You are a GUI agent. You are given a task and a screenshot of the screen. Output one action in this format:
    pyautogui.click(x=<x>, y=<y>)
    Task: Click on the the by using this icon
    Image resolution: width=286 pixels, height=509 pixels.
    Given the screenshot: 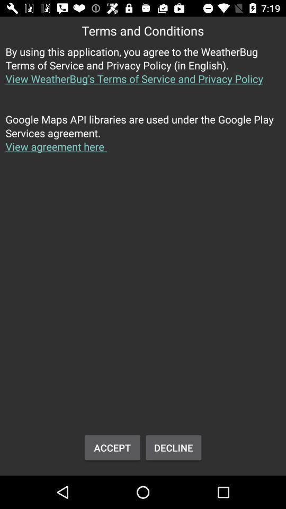 What is the action you would take?
    pyautogui.click(x=143, y=71)
    